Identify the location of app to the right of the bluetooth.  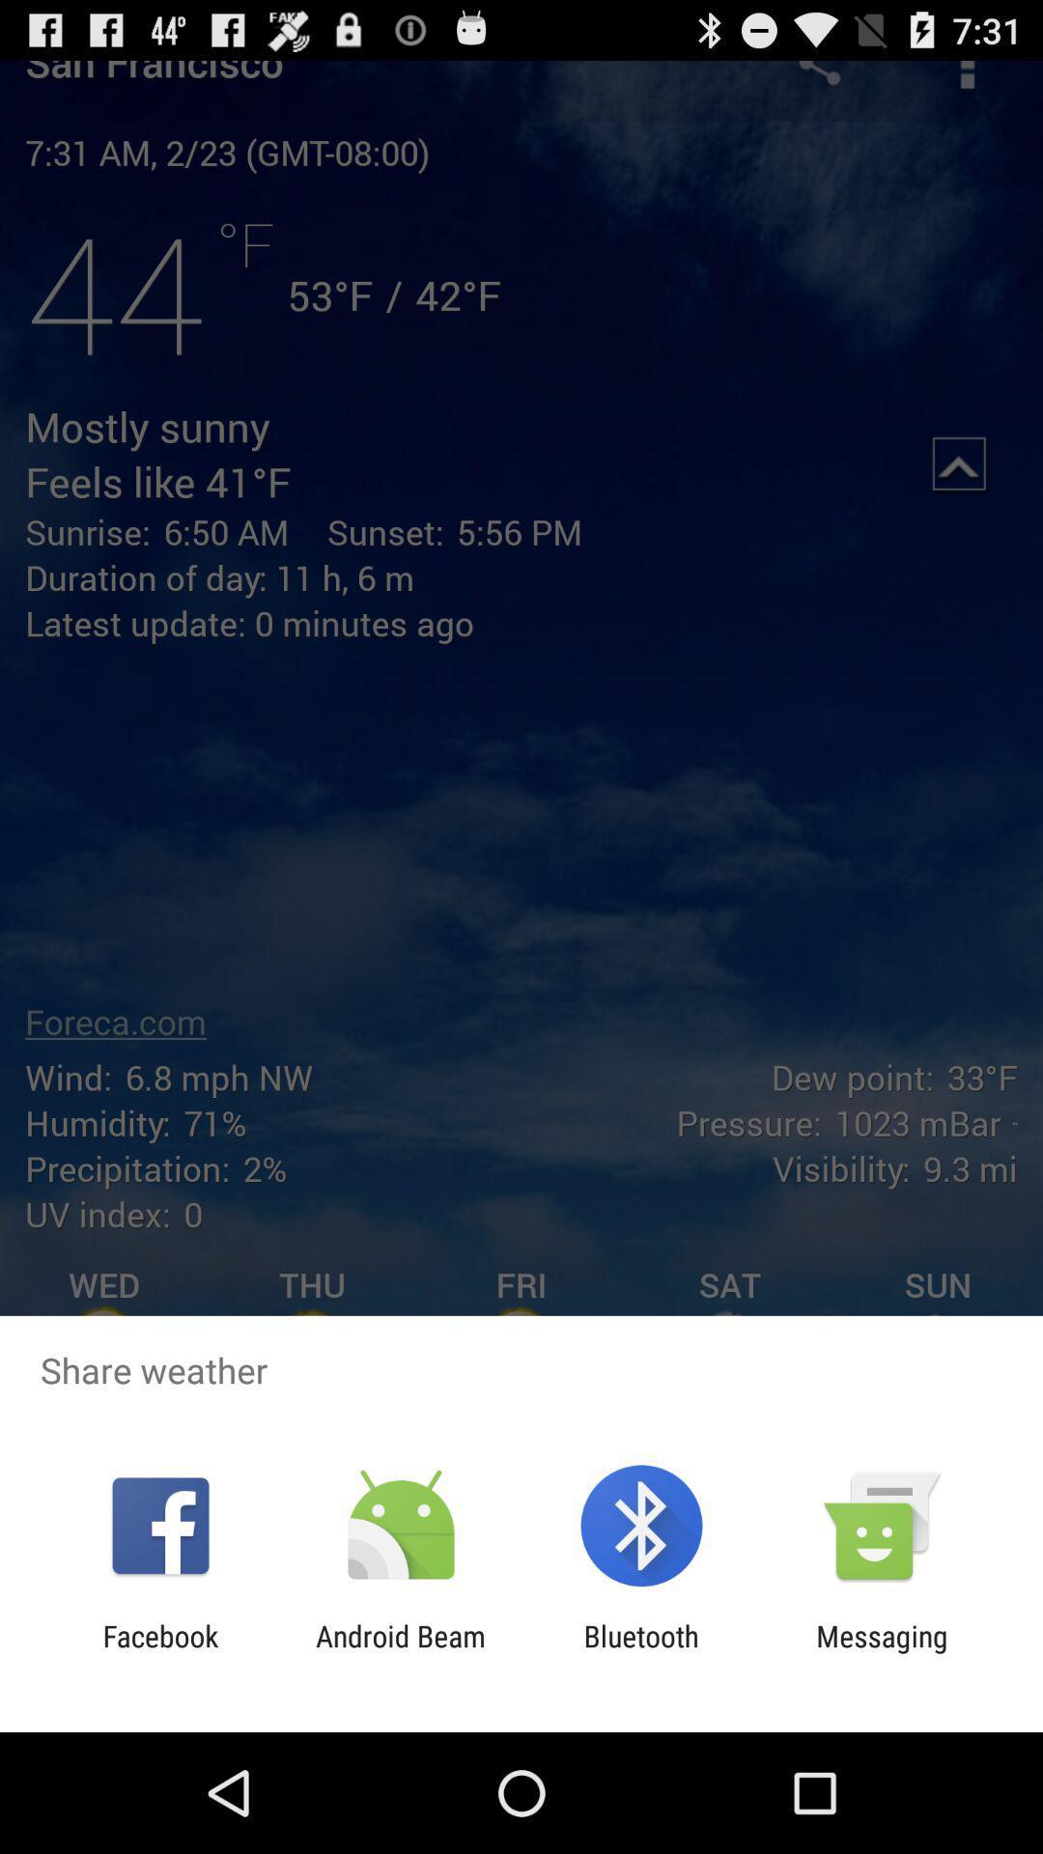
(882, 1652).